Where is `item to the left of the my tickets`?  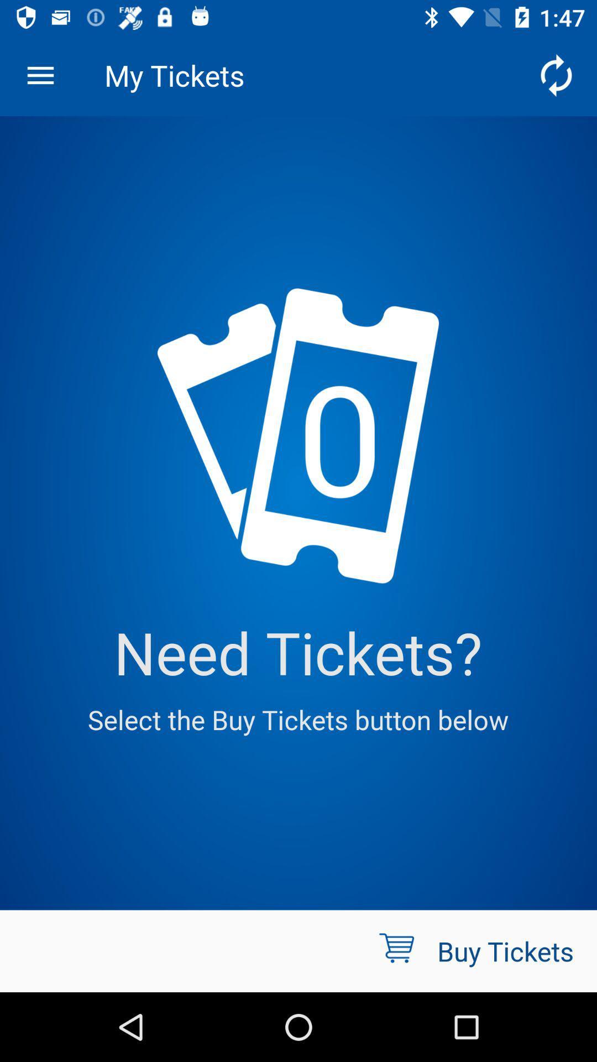
item to the left of the my tickets is located at coordinates (40, 75).